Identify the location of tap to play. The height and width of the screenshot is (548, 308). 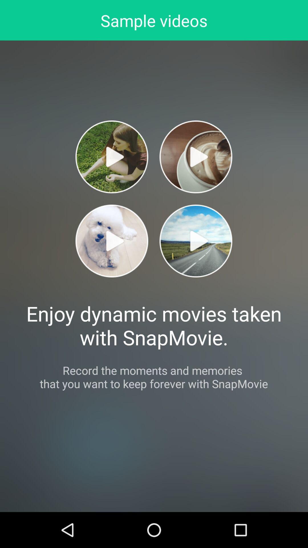
(195, 157).